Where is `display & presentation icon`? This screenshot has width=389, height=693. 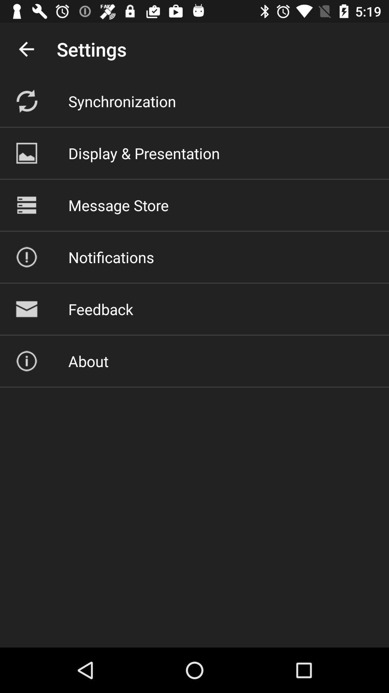
display & presentation icon is located at coordinates (144, 153).